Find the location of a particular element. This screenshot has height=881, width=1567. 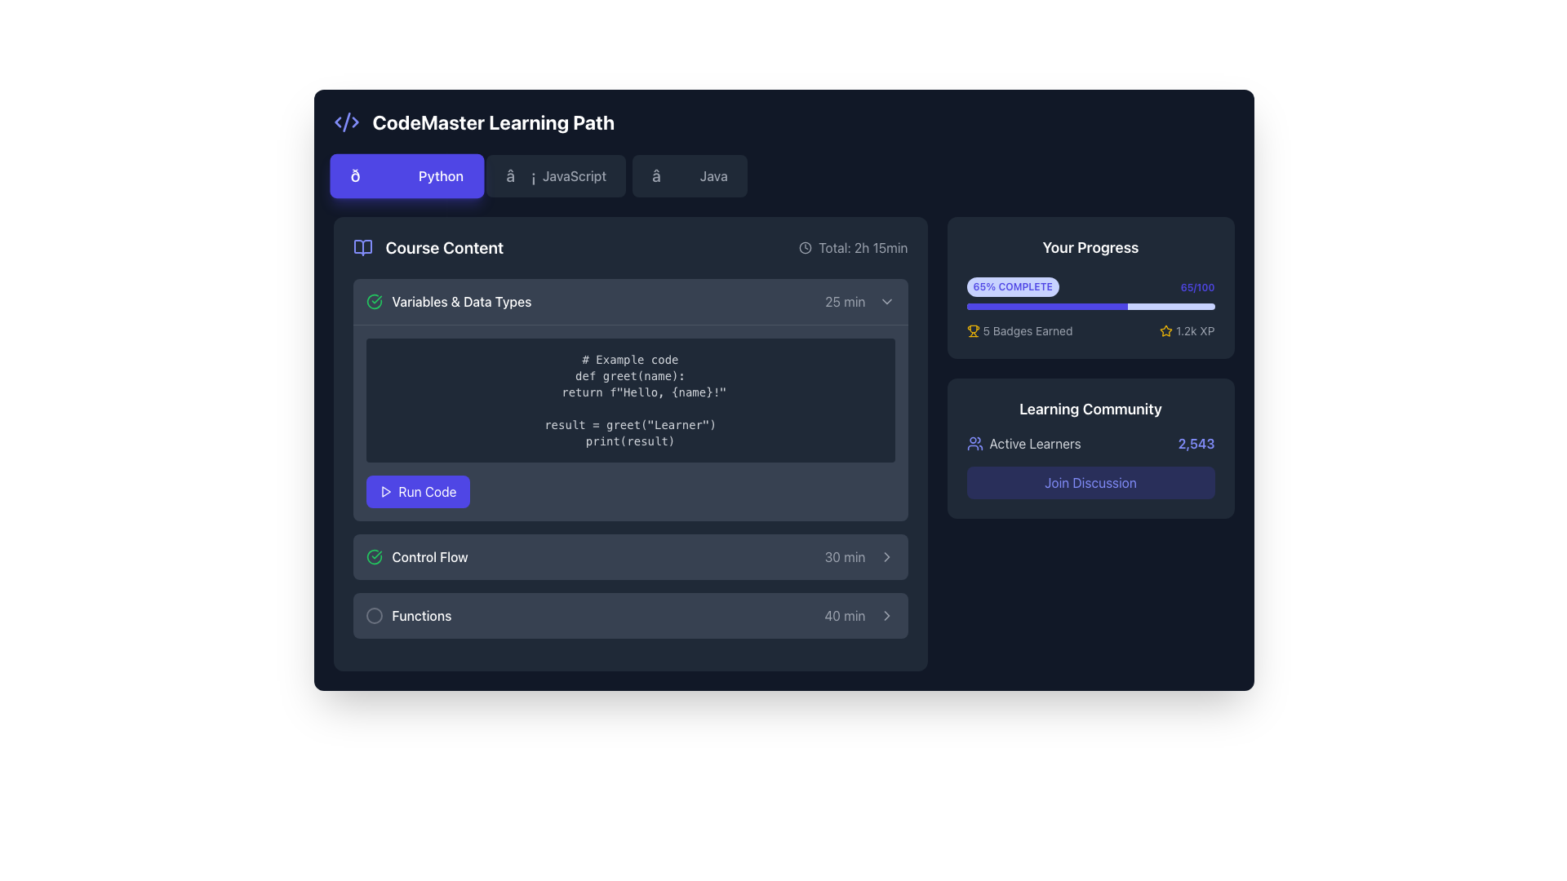

completion details from the Progress Bar indicating 65% completion, located in the 'Your Progress' section is located at coordinates (1090, 290).